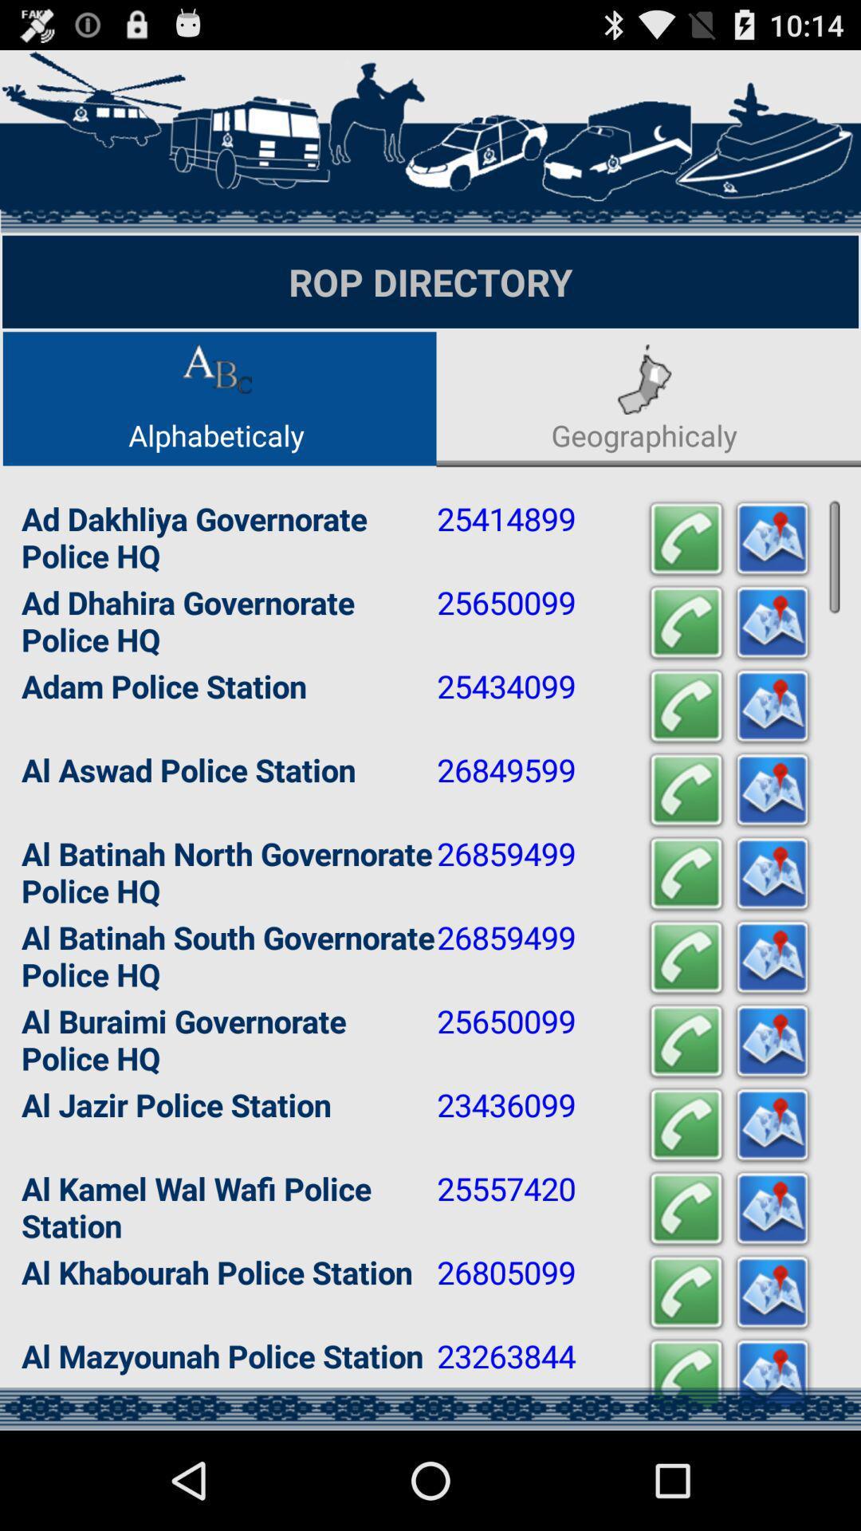 The image size is (861, 1531). Describe the element at coordinates (771, 1376) in the screenshot. I see `show location` at that location.